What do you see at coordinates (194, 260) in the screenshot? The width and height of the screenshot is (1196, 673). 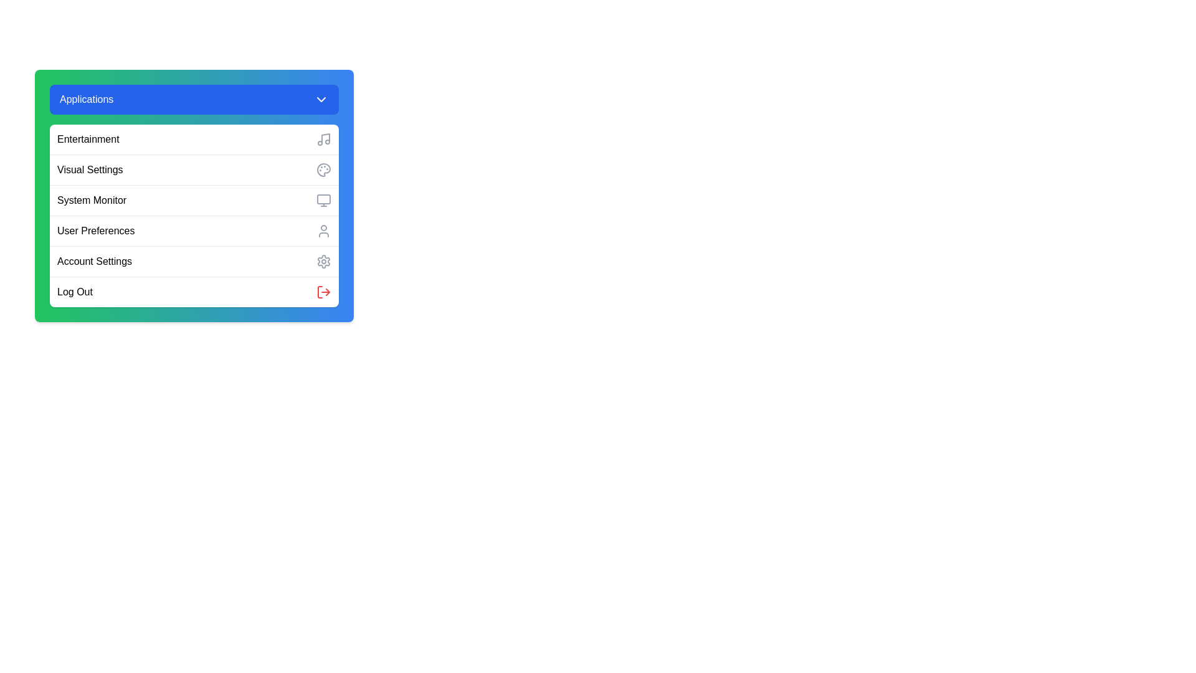 I see `the menu option Account Settings from the menu` at bounding box center [194, 260].